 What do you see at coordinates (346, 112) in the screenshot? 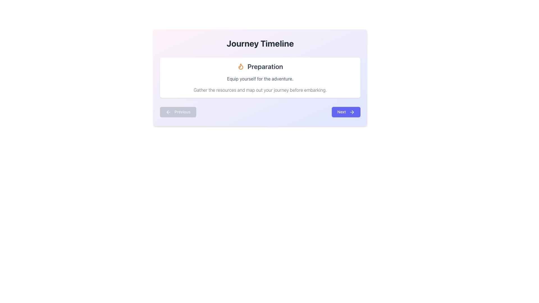
I see `the second button in the aligned row of navigation buttons at the bottom-right of the interface to proceed to the next step` at bounding box center [346, 112].